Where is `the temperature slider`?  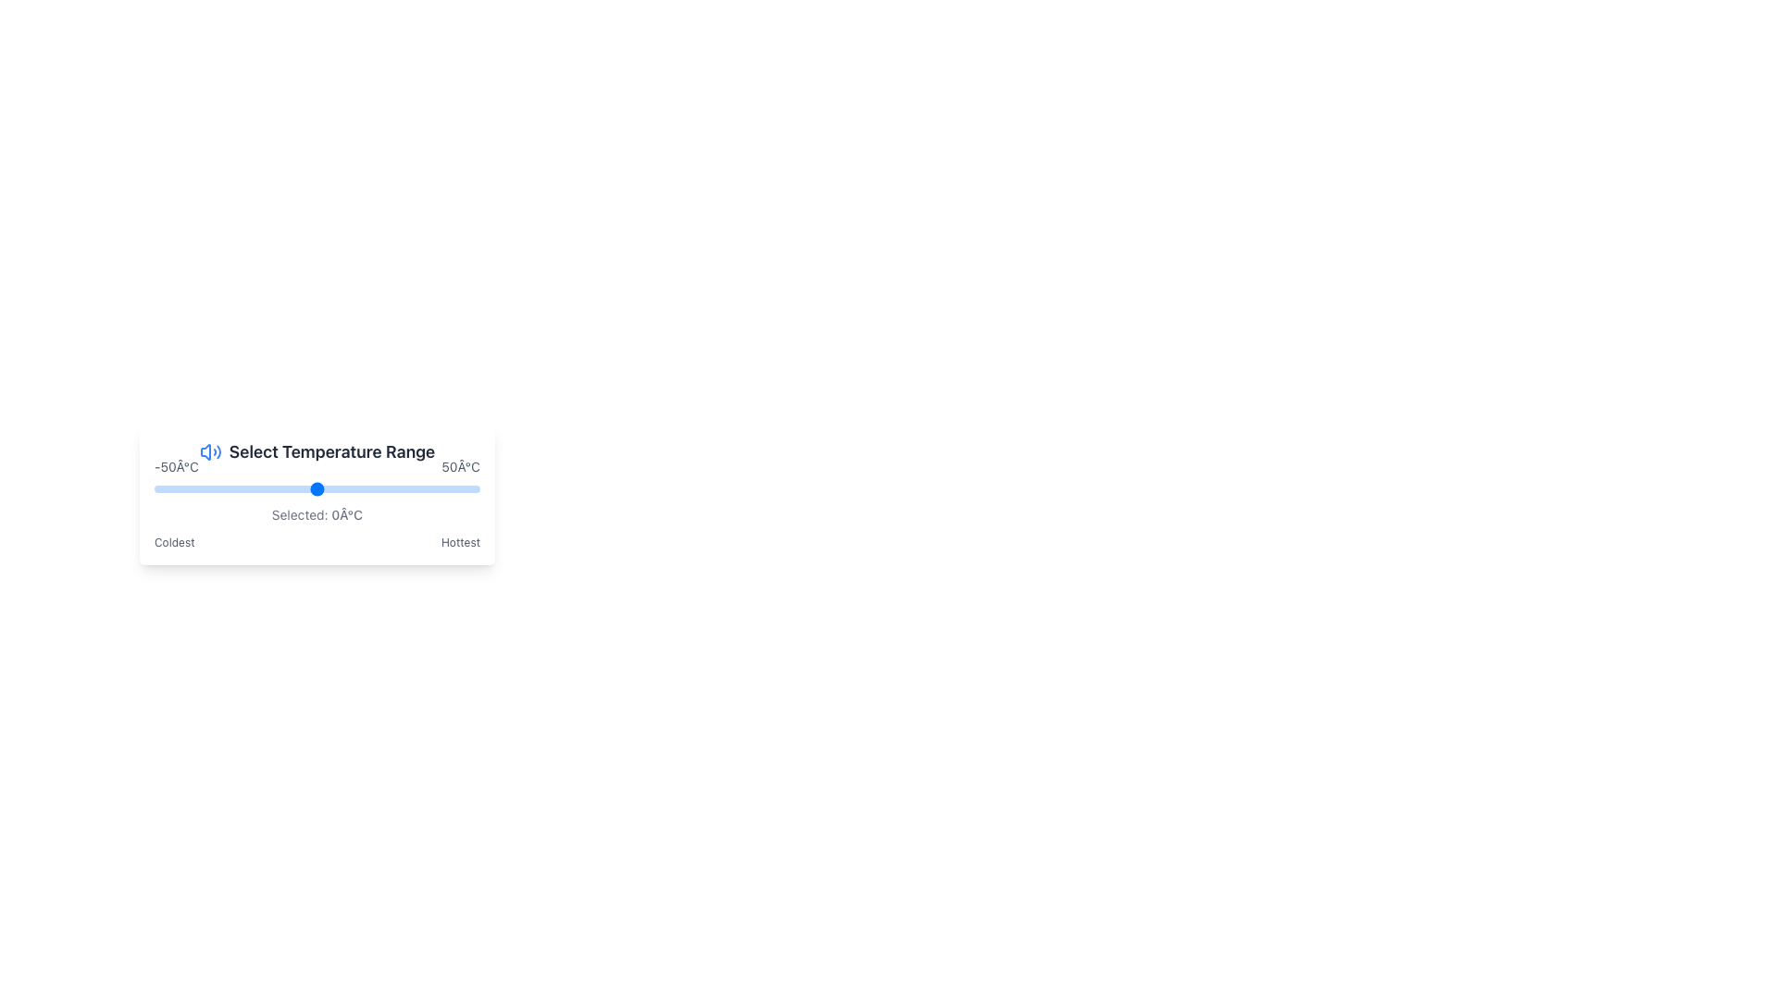
the temperature slider is located at coordinates (174, 487).